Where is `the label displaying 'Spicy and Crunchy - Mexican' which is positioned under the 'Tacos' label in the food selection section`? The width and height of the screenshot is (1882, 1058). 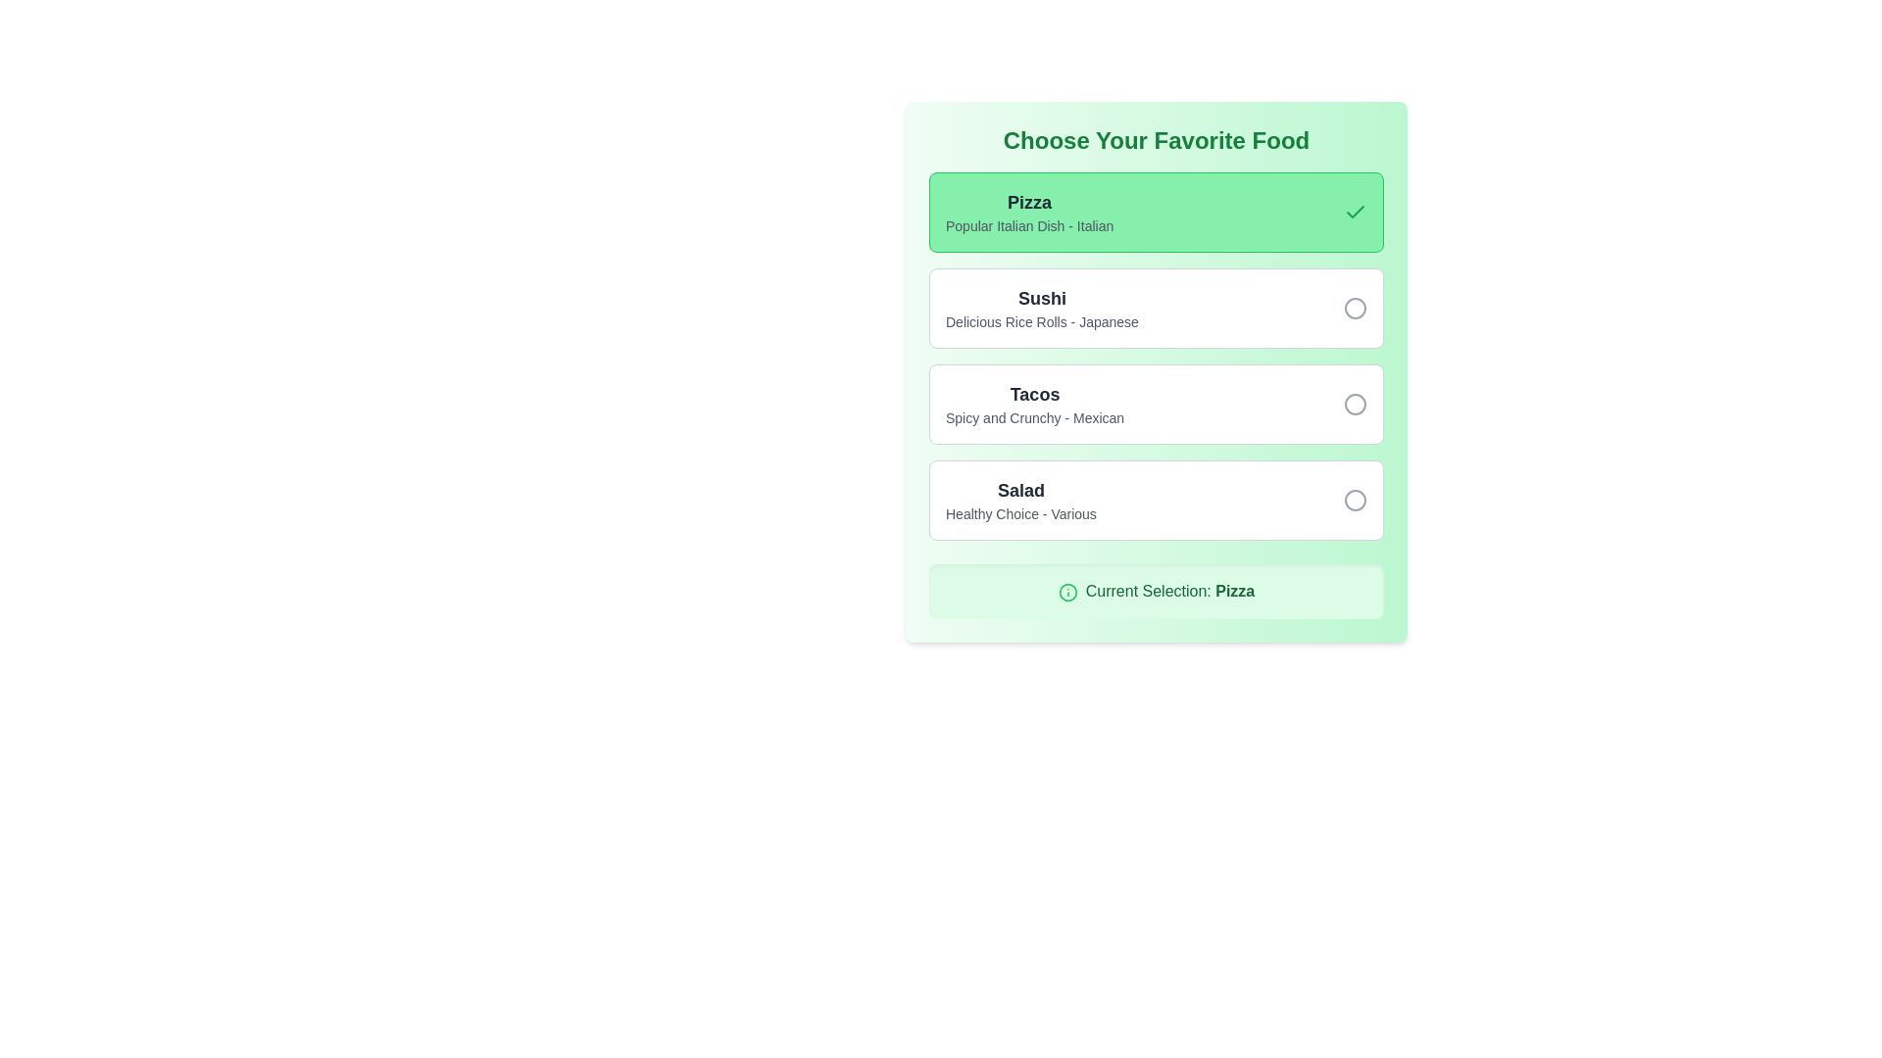
the label displaying 'Spicy and Crunchy - Mexican' which is positioned under the 'Tacos' label in the food selection section is located at coordinates (1034, 417).